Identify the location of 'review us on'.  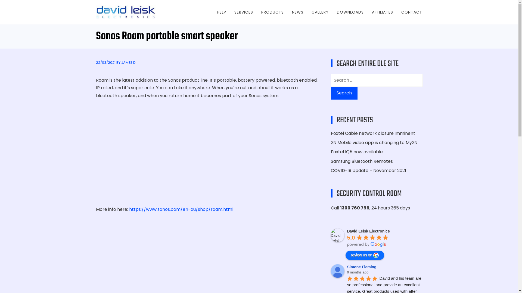
(365, 255).